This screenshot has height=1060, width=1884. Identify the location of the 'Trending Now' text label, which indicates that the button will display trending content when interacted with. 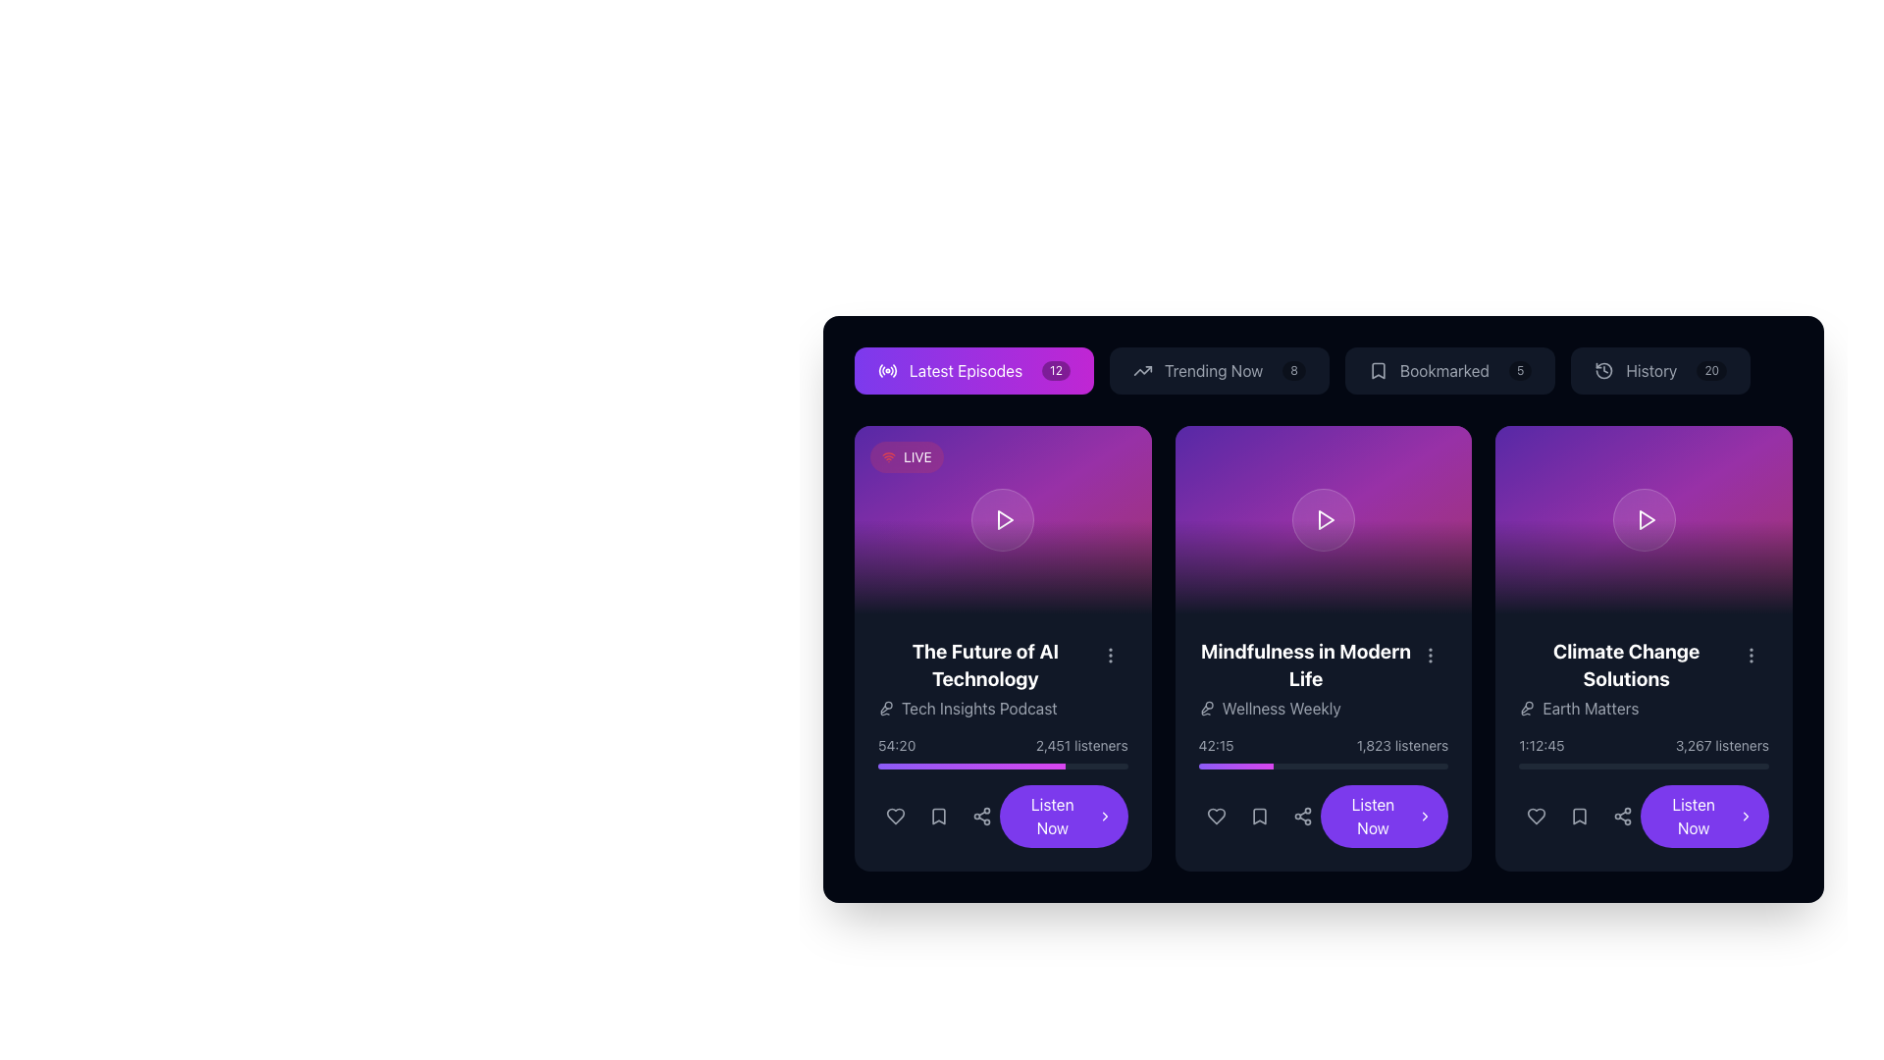
(1213, 371).